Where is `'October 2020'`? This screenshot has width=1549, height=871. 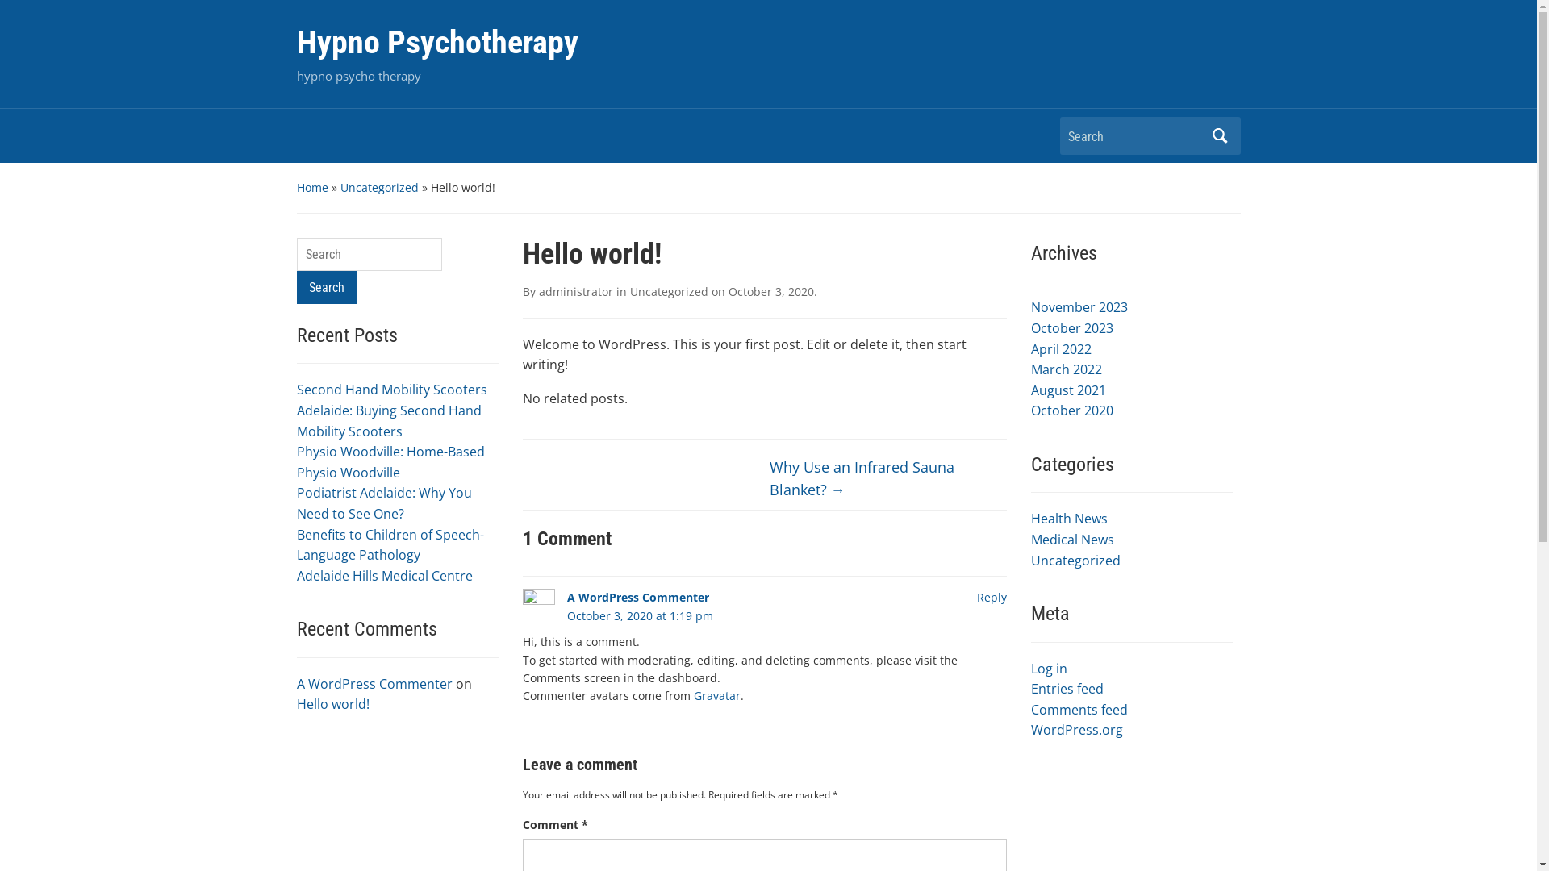
'October 2020' is located at coordinates (1029, 410).